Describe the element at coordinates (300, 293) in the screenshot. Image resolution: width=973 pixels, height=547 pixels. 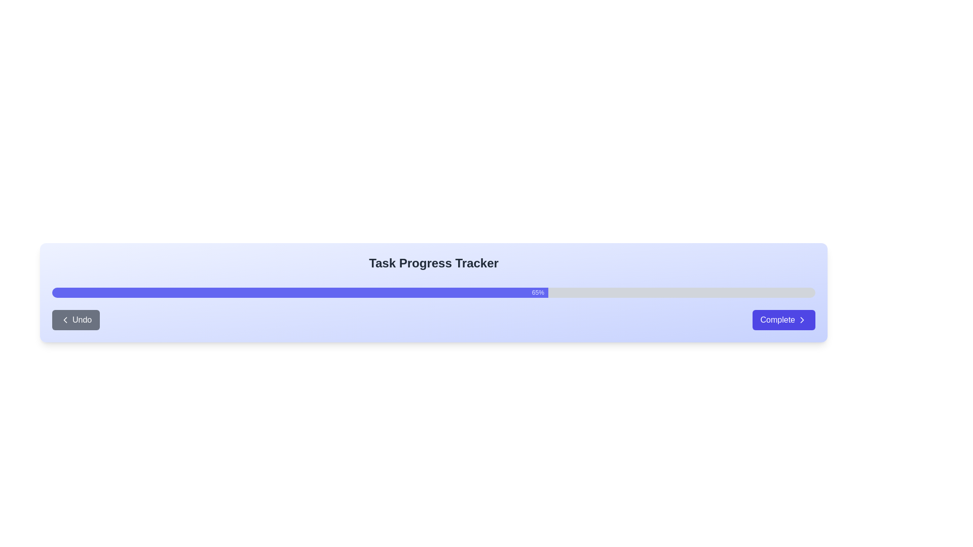
I see `the filled portion of the progress bar indicating 65% completion, which displays the label '65%'` at that location.